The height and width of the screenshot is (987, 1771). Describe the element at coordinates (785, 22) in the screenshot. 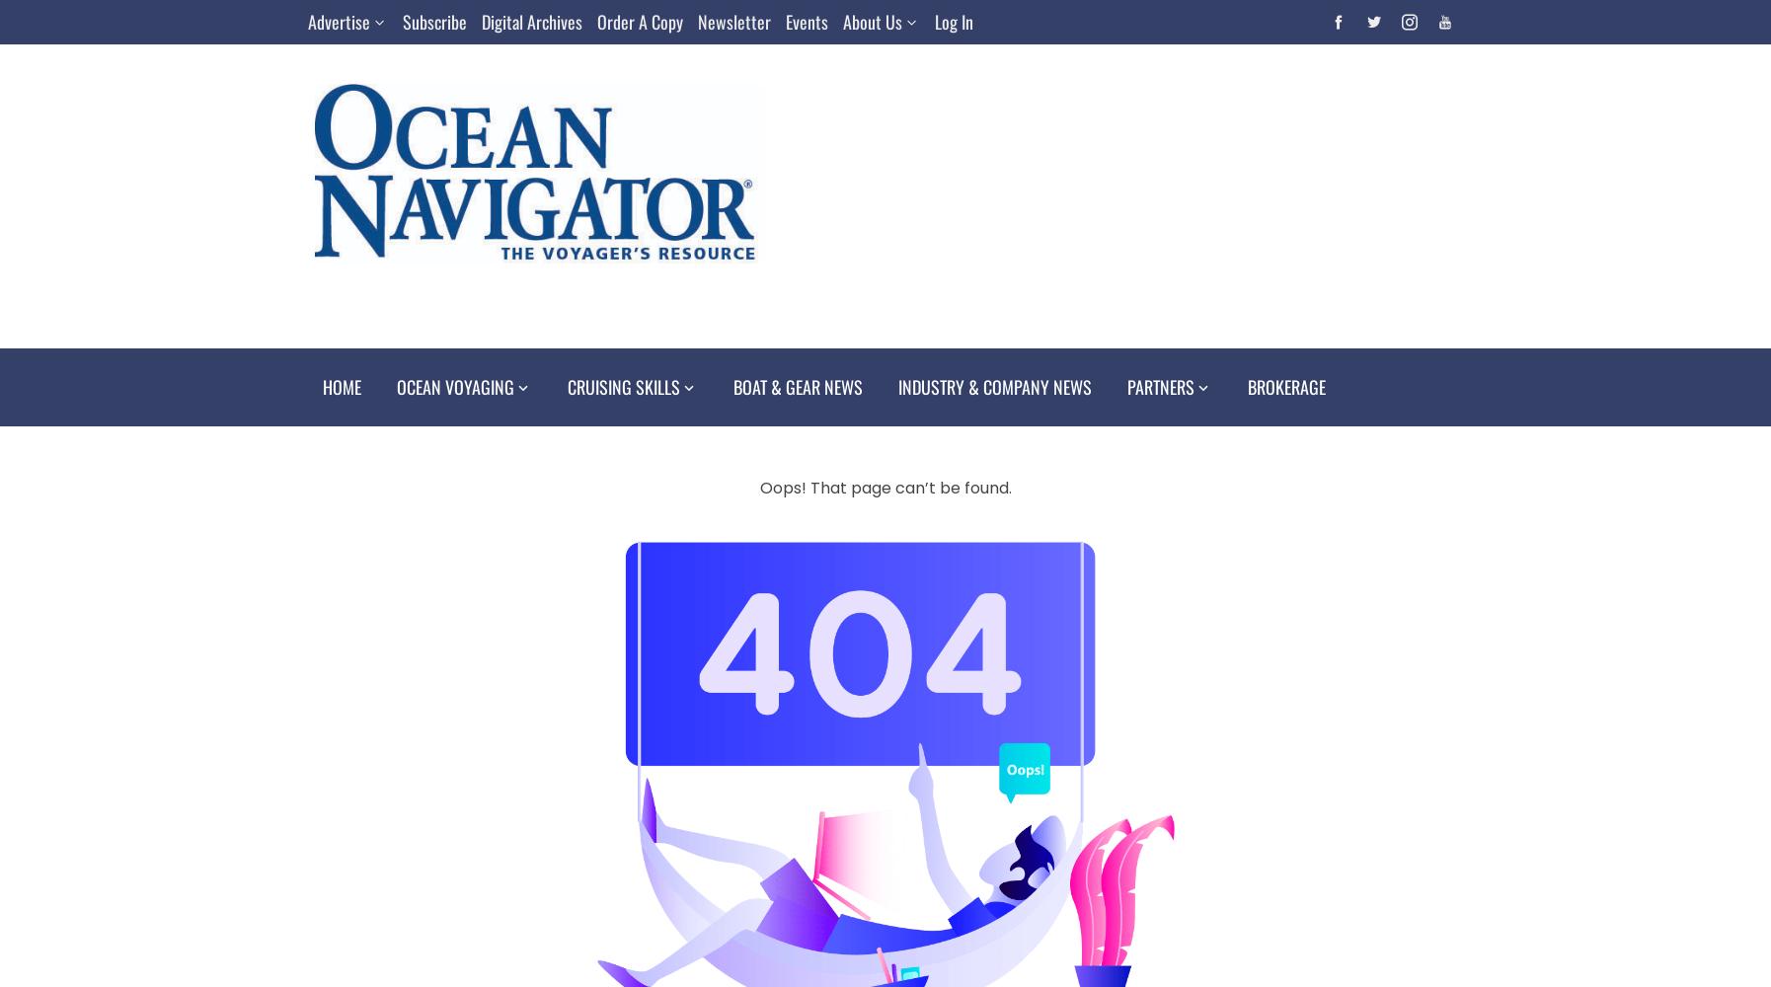

I see `'Events'` at that location.